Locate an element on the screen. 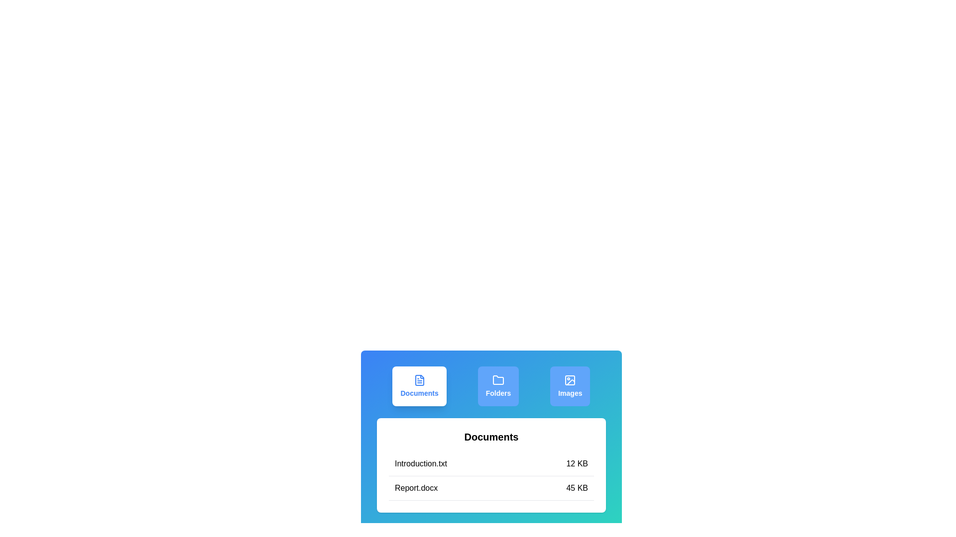 Image resolution: width=956 pixels, height=537 pixels. the second button in a horizontal arrangement of three sections is located at coordinates (491, 385).